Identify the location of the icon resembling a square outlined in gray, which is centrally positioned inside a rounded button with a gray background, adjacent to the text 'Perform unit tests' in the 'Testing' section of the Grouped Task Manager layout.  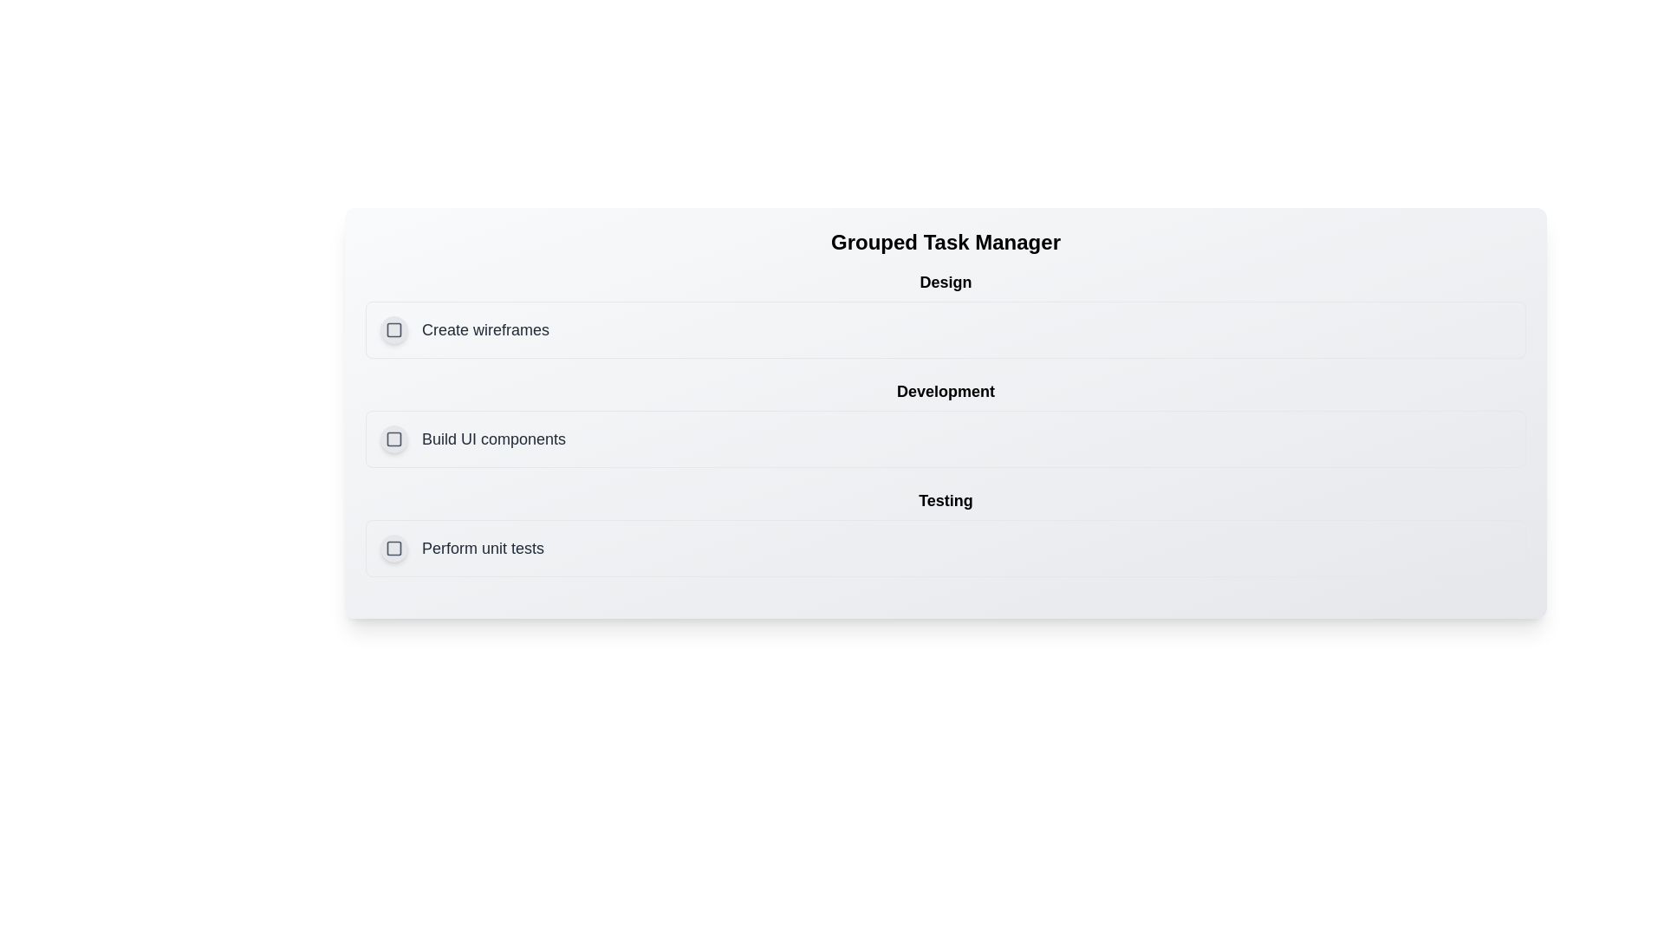
(393, 548).